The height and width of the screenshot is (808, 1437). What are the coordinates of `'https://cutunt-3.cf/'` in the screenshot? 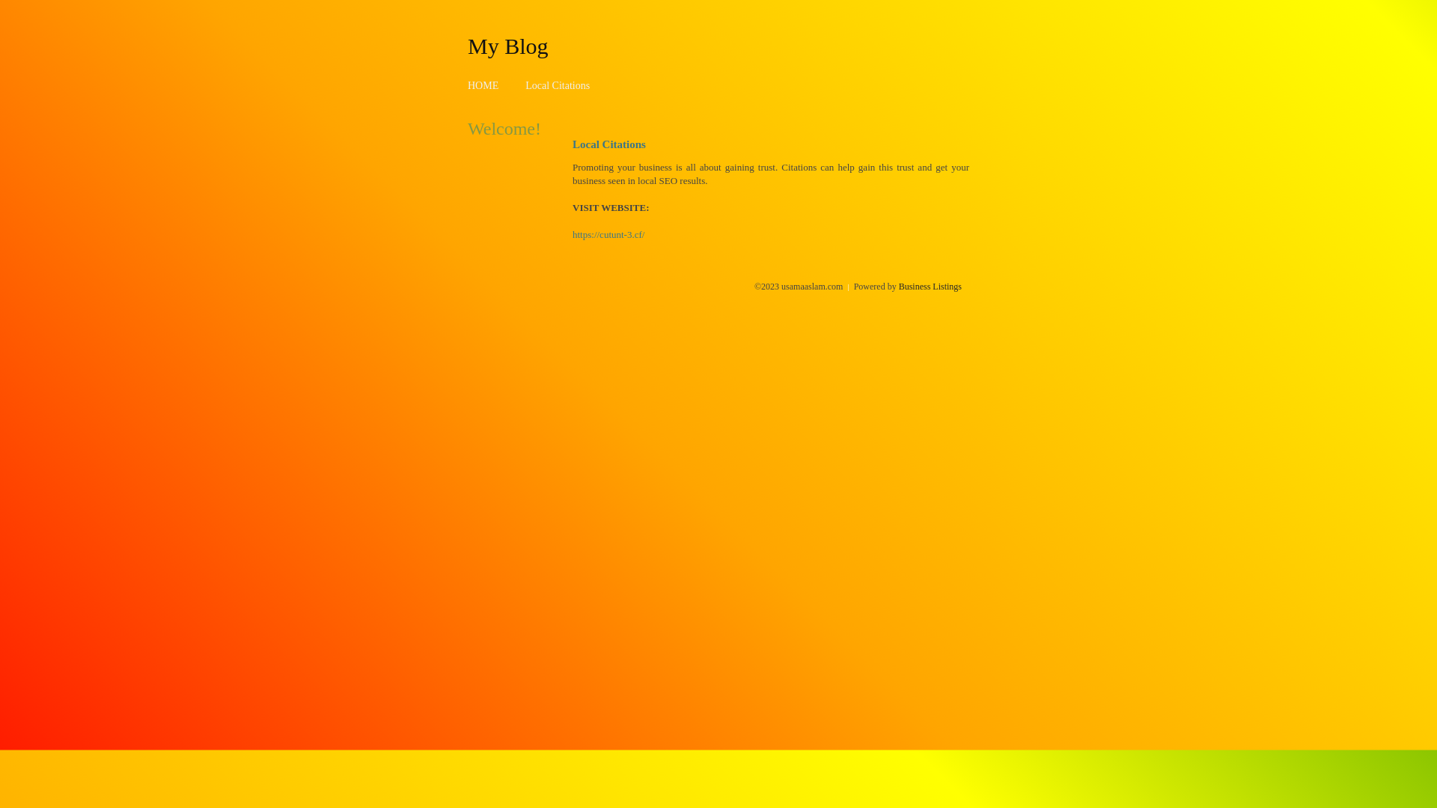 It's located at (571, 234).